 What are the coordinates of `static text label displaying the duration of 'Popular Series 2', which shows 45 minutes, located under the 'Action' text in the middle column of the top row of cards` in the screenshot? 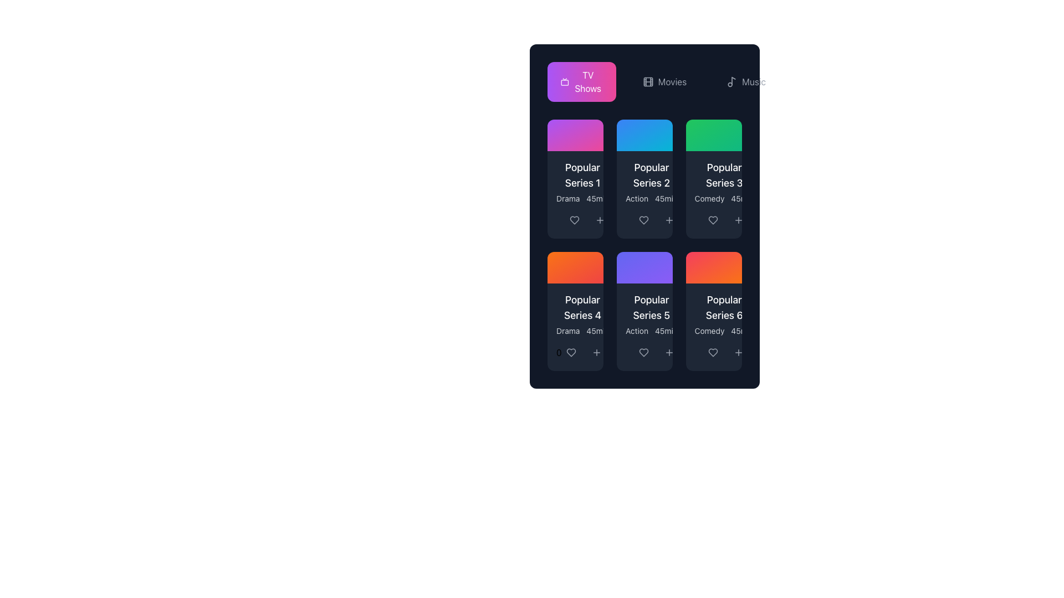 It's located at (666, 198).